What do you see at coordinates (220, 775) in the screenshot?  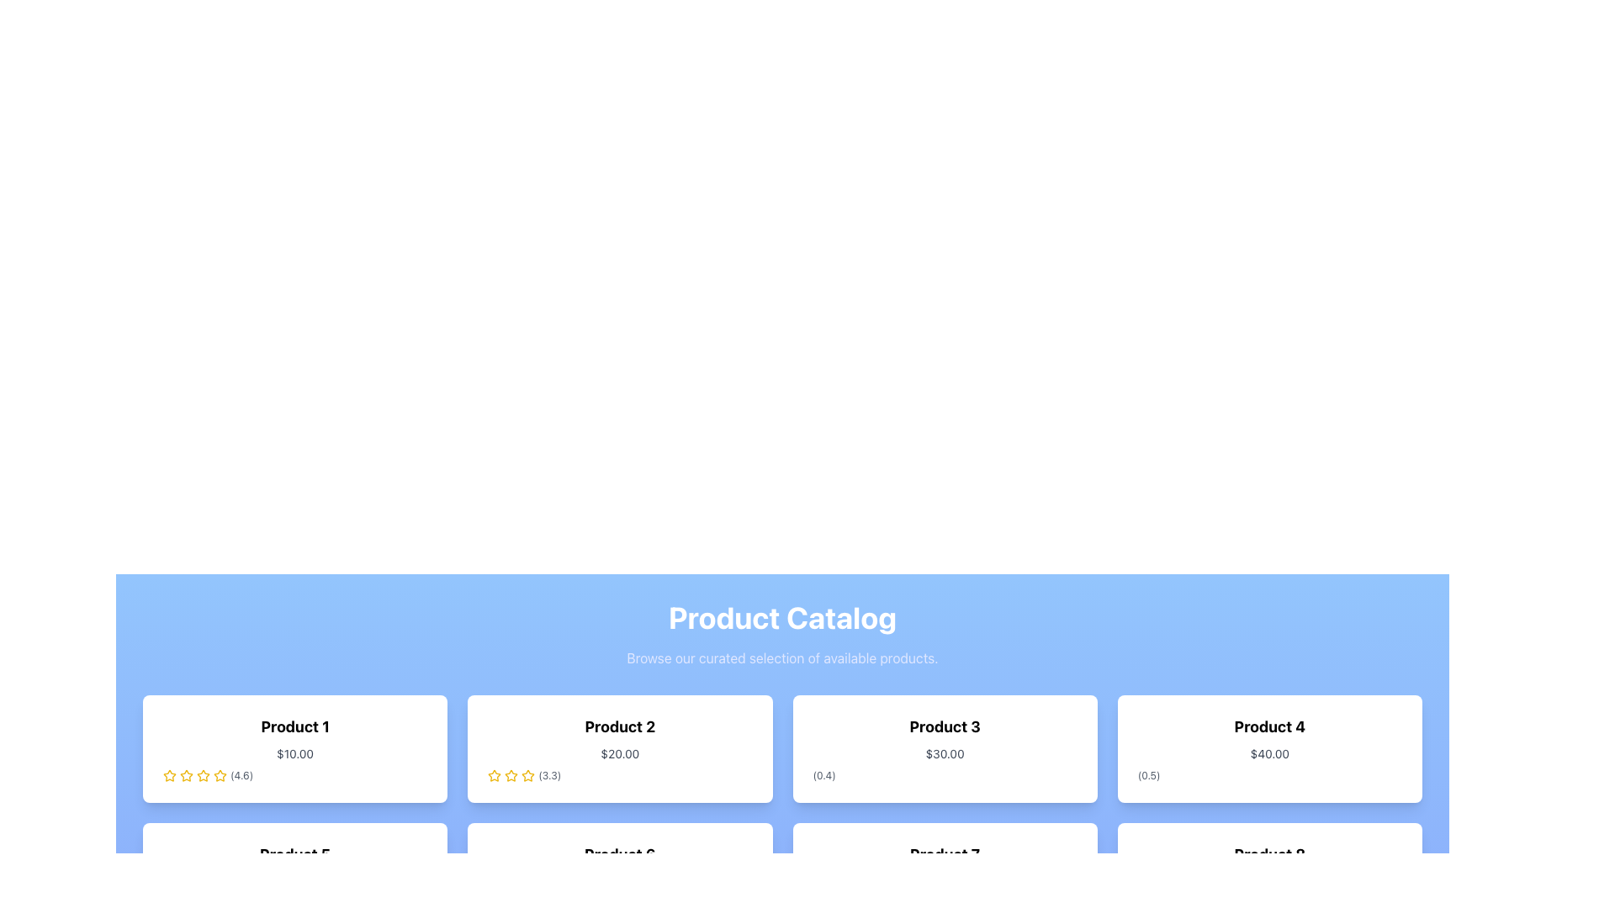 I see `the last yellow star icon representing the product rating, located below the 'Product 1' title in the first product card` at bounding box center [220, 775].